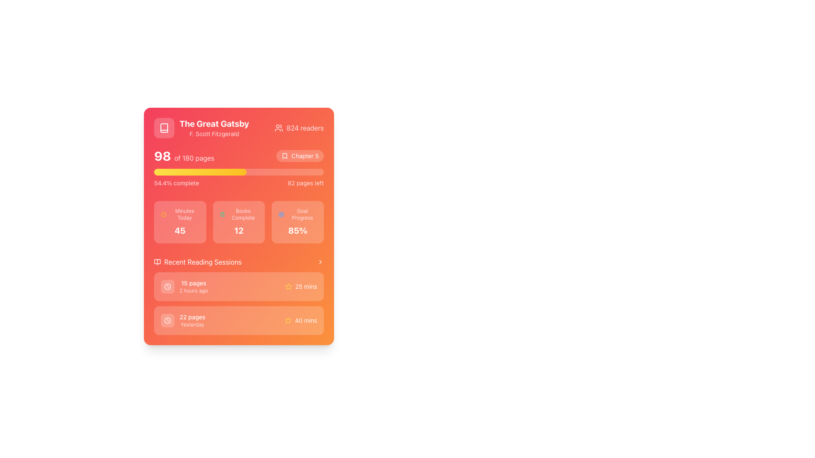 The width and height of the screenshot is (815, 458). Describe the element at coordinates (167, 286) in the screenshot. I see `the Frame of the Clock Icon located centrally within the clock-like icon in the second reading session entry under '22 pages Yesterday'` at that location.